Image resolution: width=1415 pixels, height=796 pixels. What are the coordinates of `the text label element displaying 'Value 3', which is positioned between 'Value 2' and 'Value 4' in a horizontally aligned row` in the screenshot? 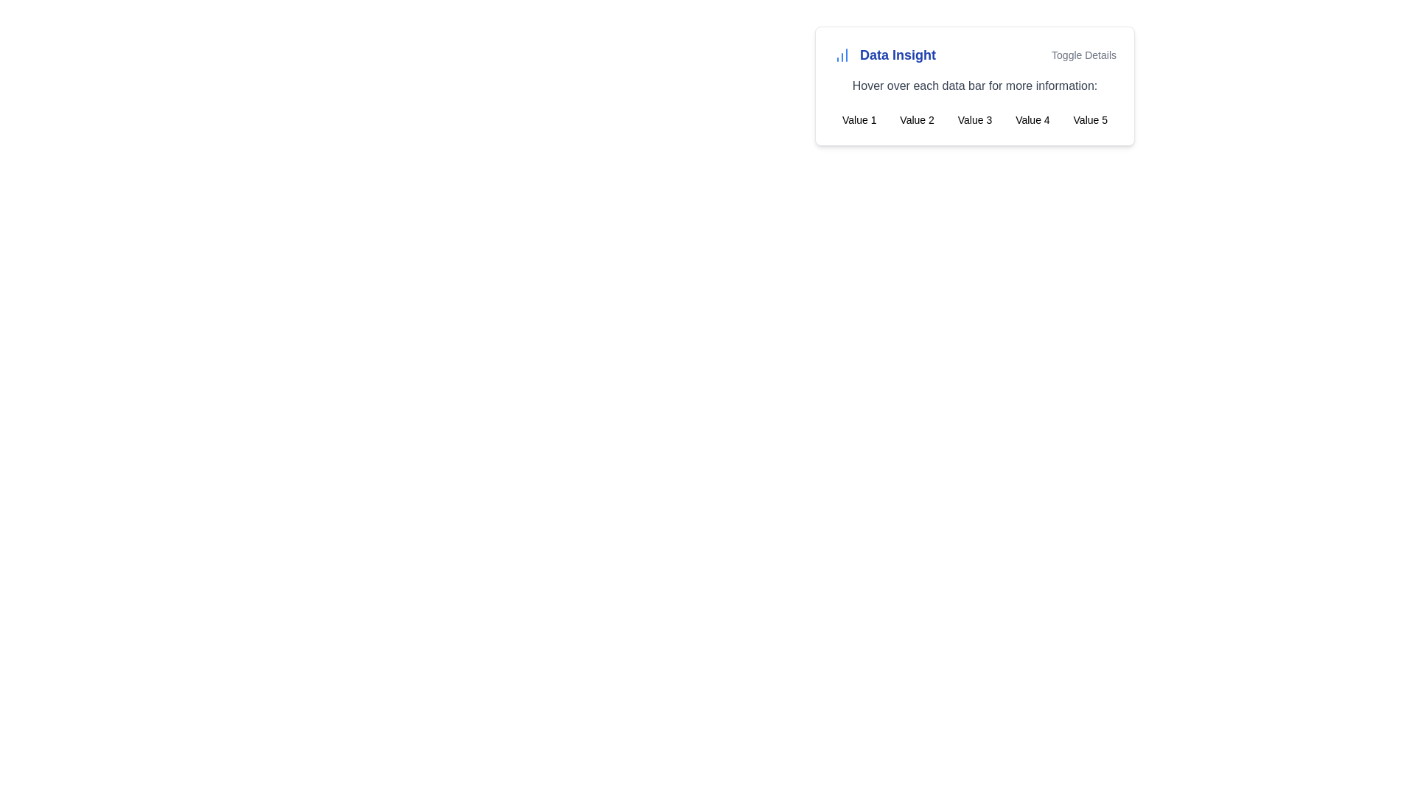 It's located at (975, 116).